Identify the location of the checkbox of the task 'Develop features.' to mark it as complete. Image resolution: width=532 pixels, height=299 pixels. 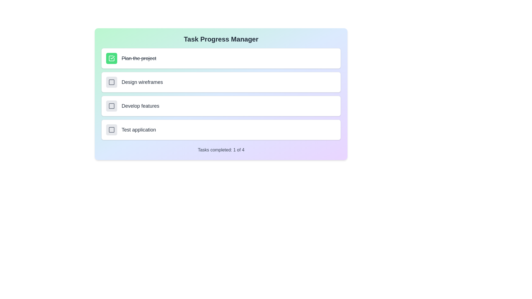
(221, 106).